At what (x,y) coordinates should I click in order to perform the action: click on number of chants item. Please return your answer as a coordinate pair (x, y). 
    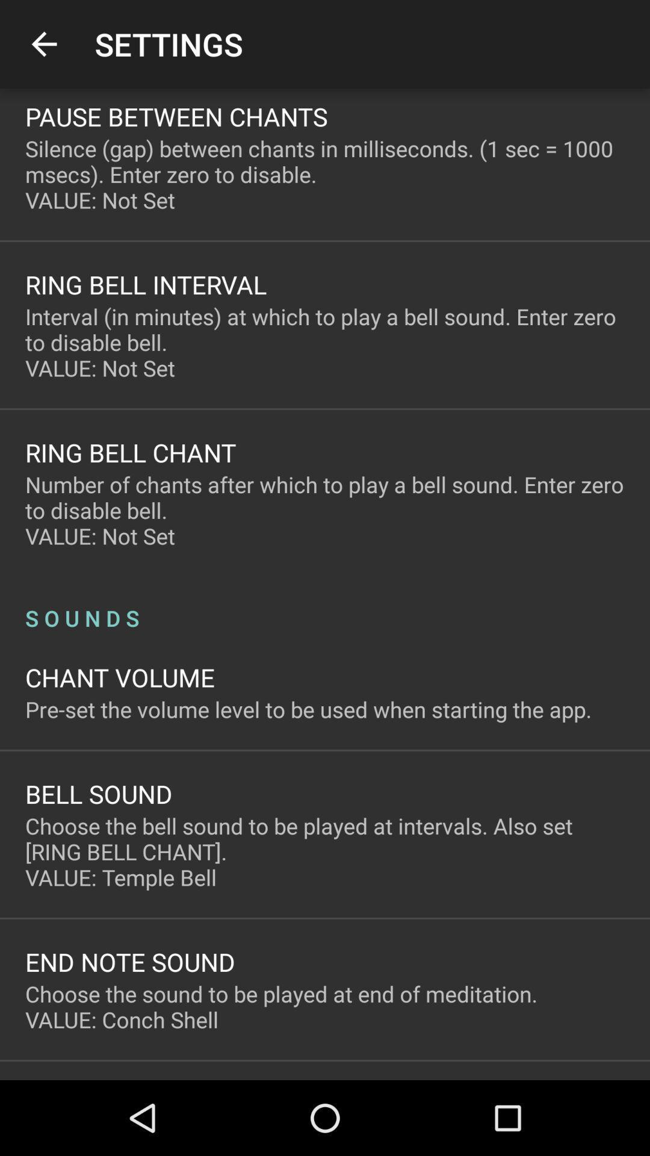
    Looking at the image, I should click on (325, 510).